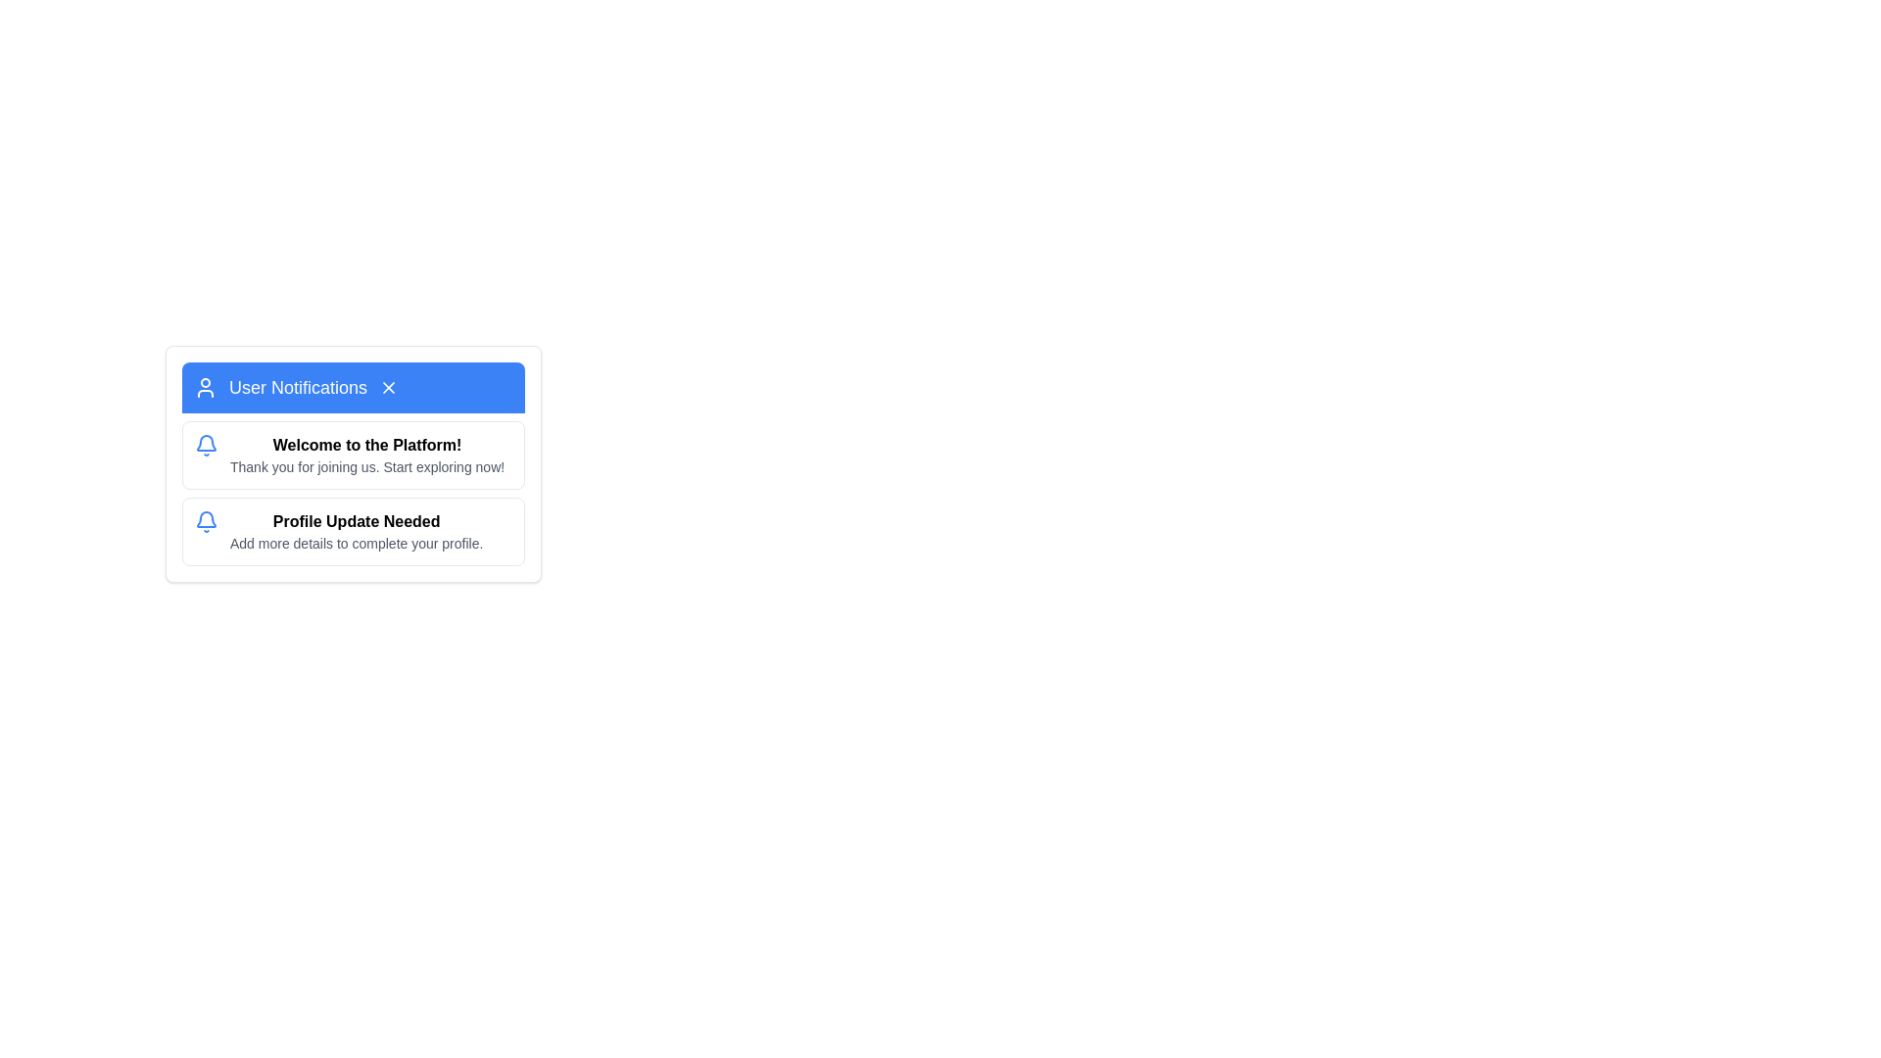  Describe the element at coordinates (357, 532) in the screenshot. I see `text content that informs the user about the need to update their profile, located in the middle of the notification card below the 'Welcome to the Platform!' message` at that location.